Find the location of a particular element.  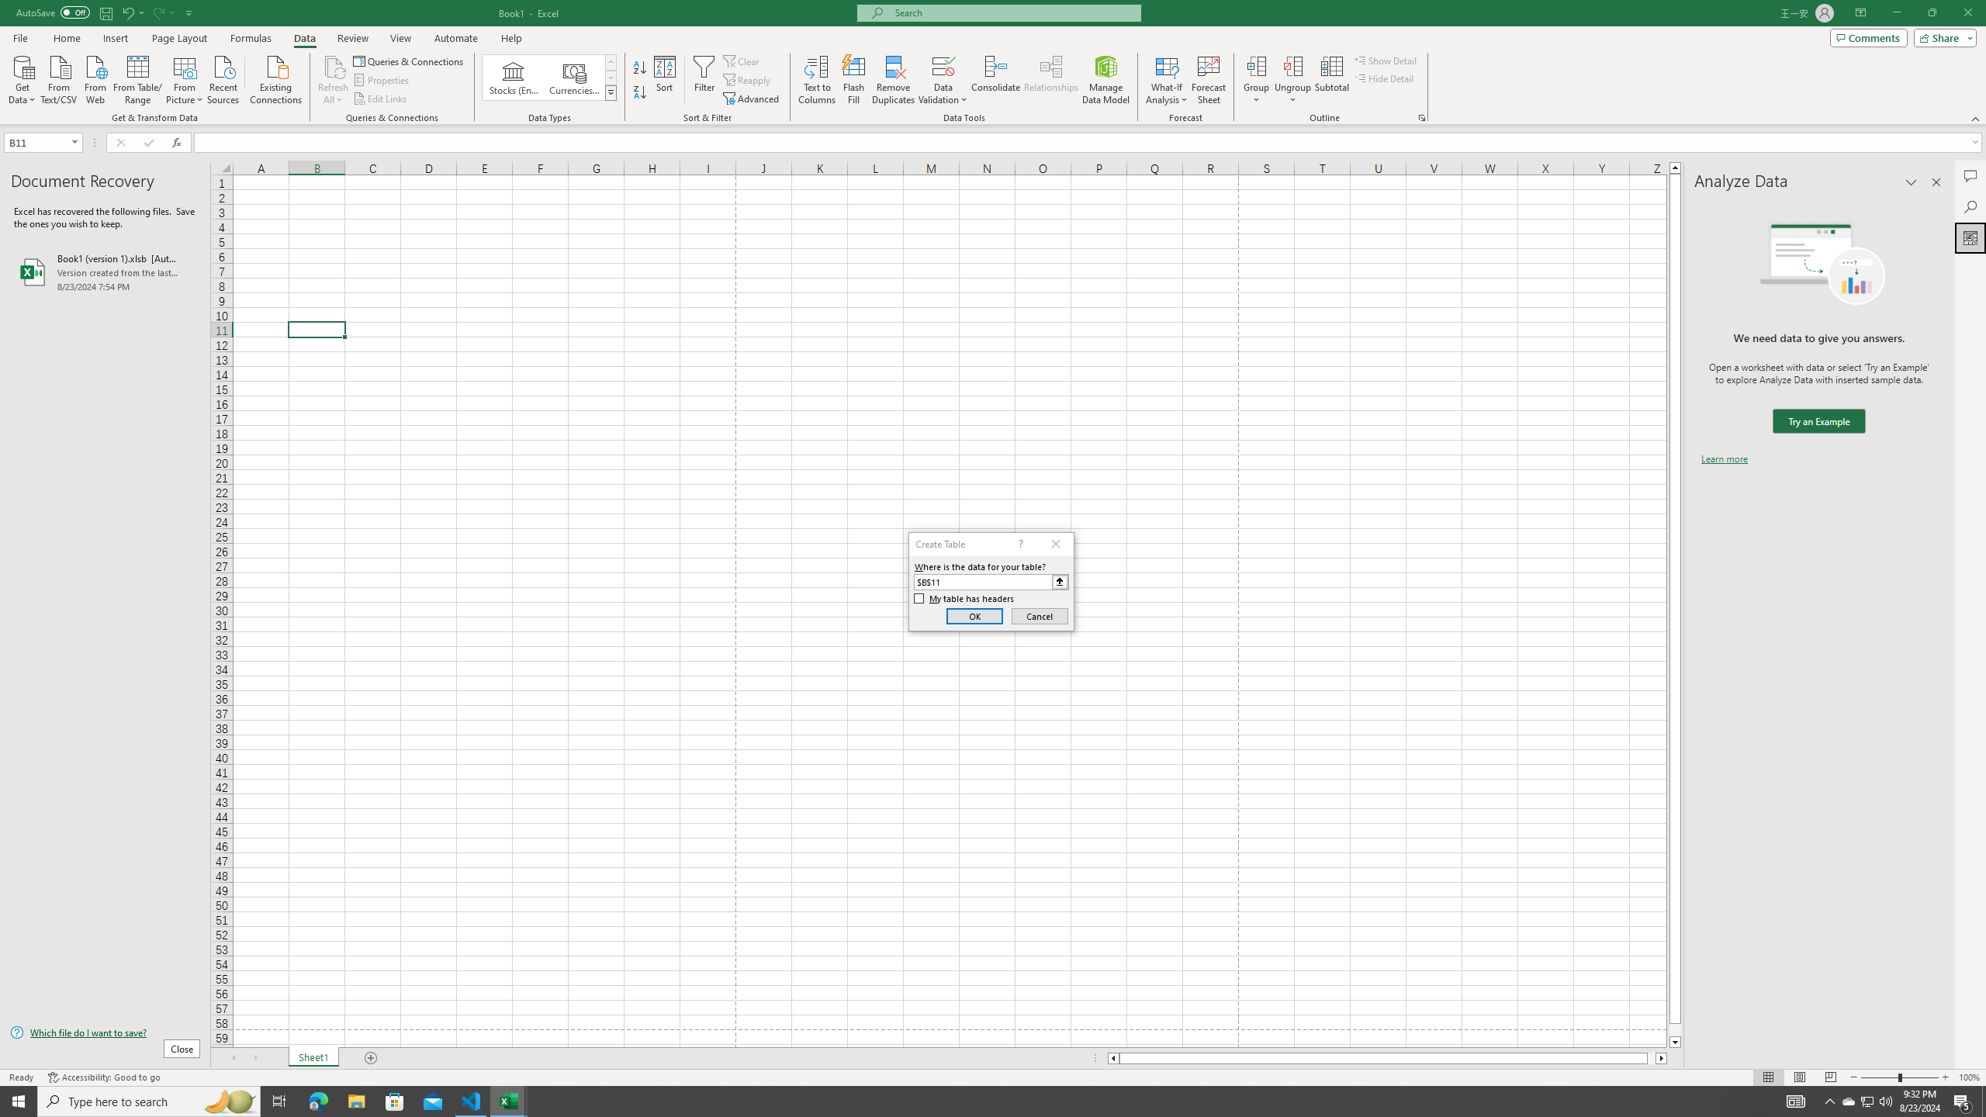

'Forecast Sheet' is located at coordinates (1208, 80).